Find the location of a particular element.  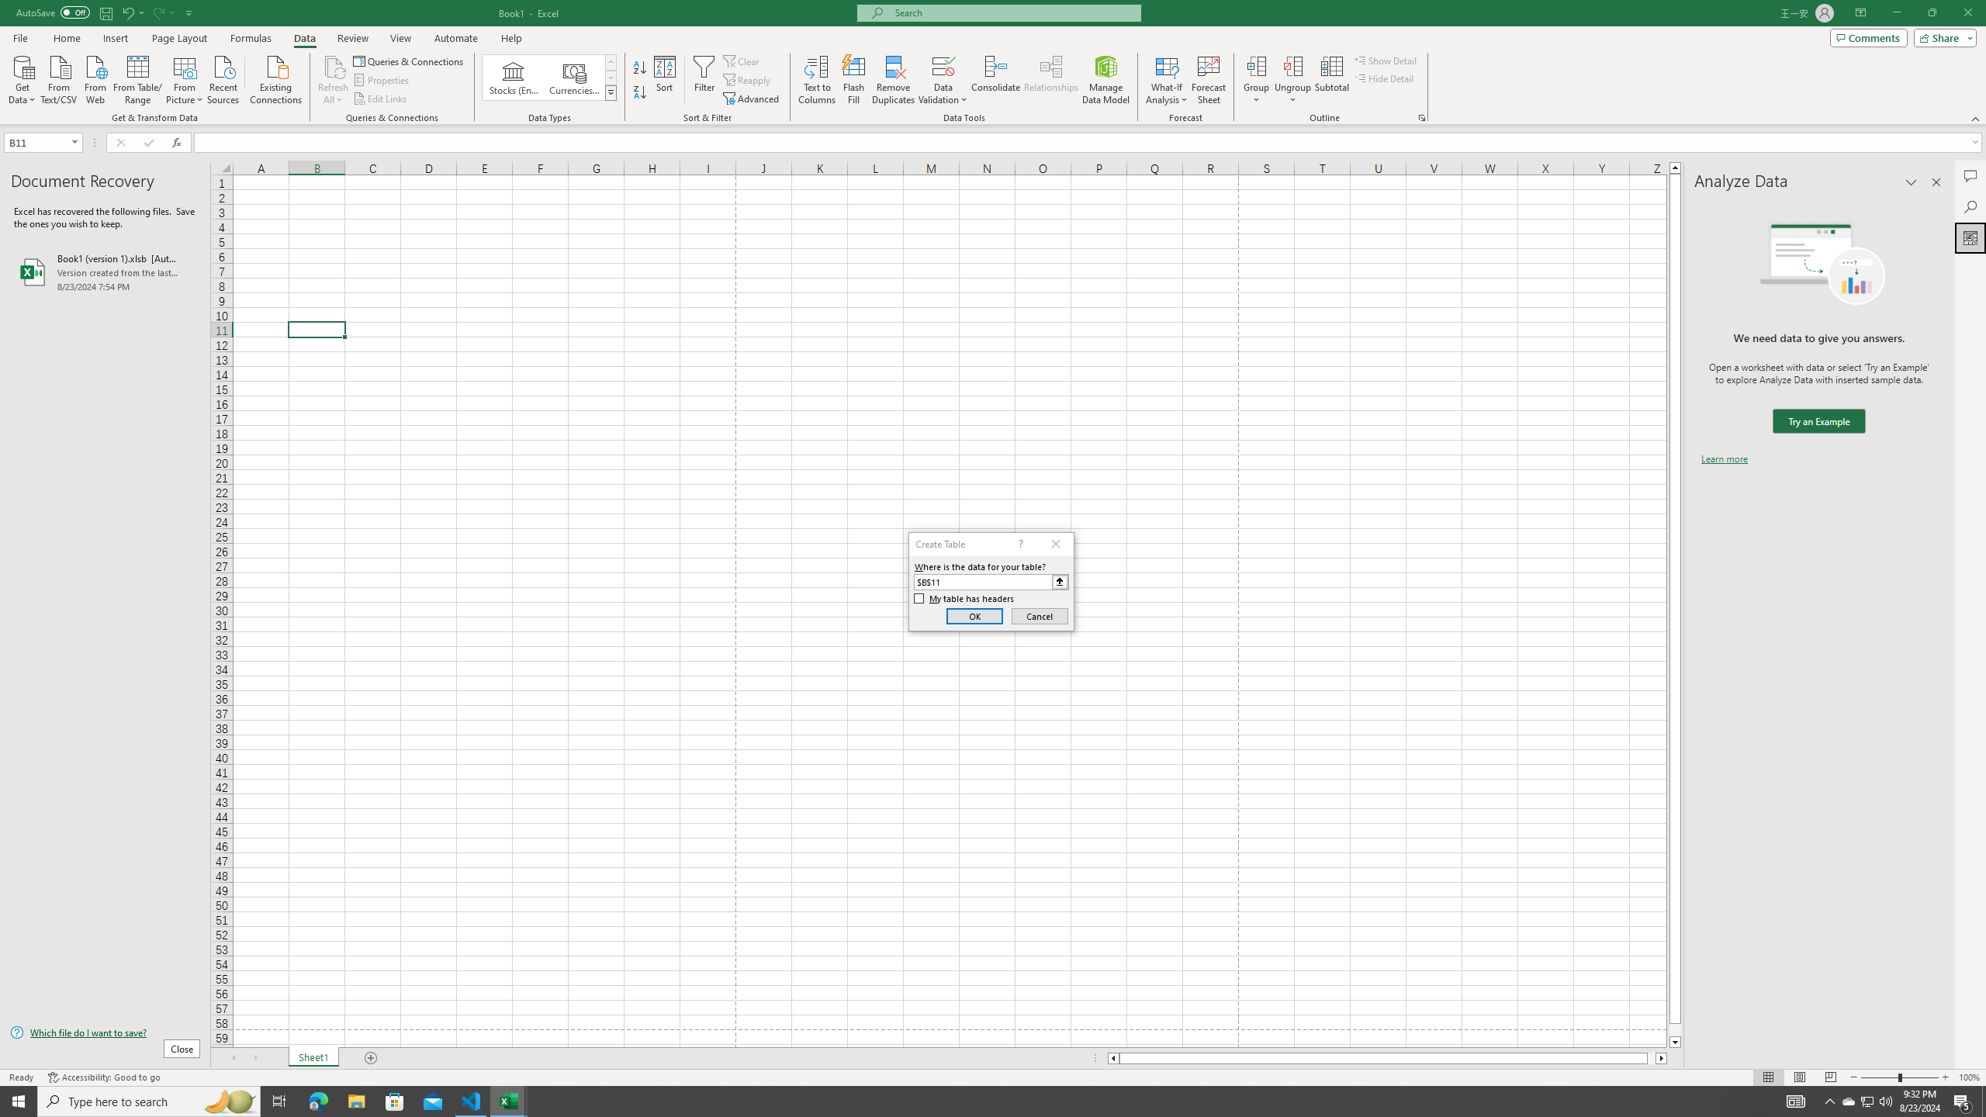

'Forecast Sheet' is located at coordinates (1208, 80).